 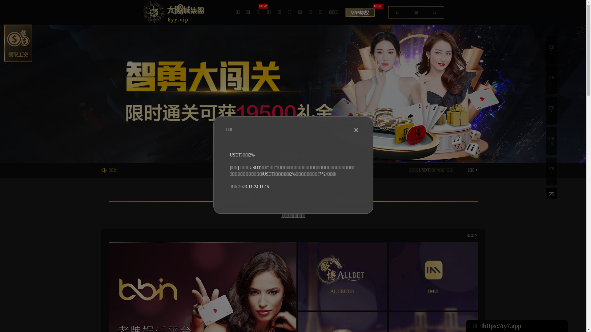 What do you see at coordinates (172, 12) in the screenshot?
I see `'6yy.vip'` at bounding box center [172, 12].